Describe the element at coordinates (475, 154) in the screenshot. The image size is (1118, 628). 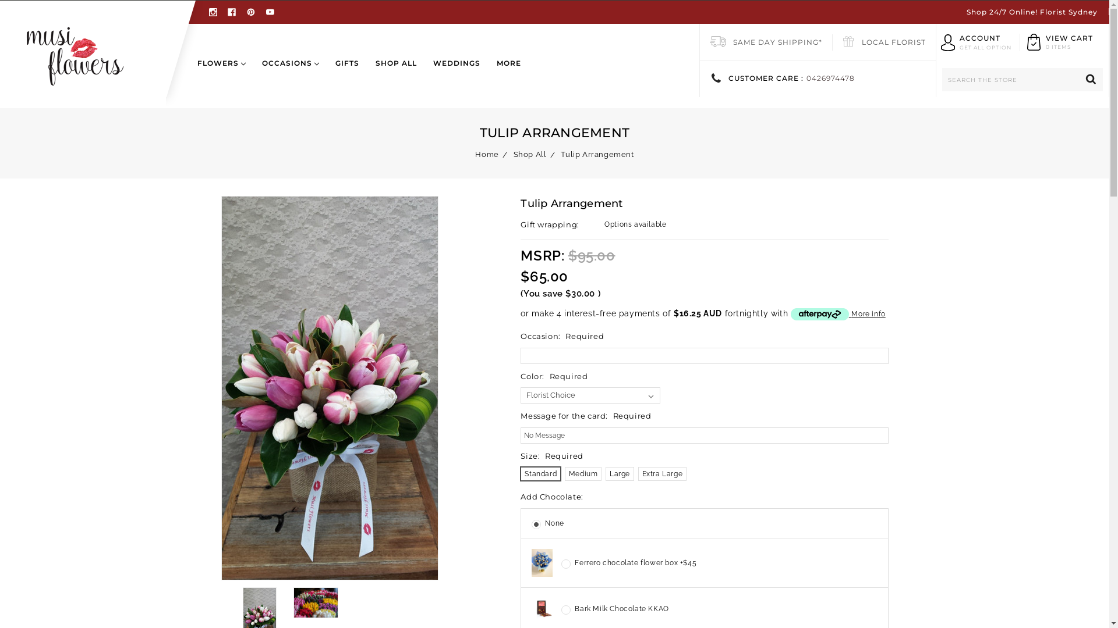
I see `'Home'` at that location.